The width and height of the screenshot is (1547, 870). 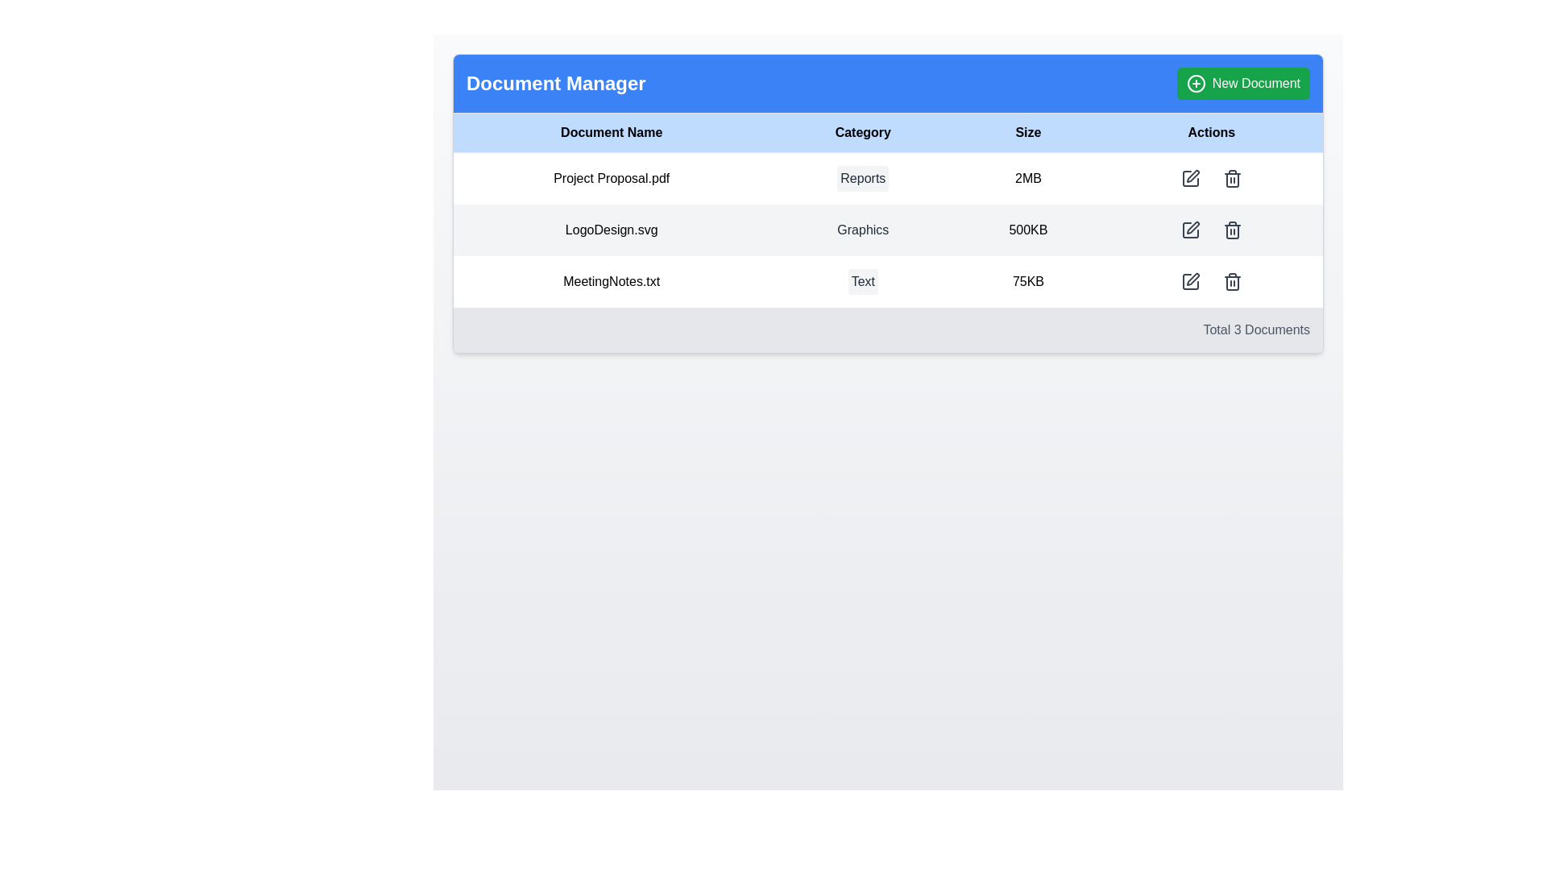 What do you see at coordinates (1192, 279) in the screenshot?
I see `the edit button located in the 'Actions' column of the table, in the third row corresponding to the 'MeetingNotes.txt' document` at bounding box center [1192, 279].